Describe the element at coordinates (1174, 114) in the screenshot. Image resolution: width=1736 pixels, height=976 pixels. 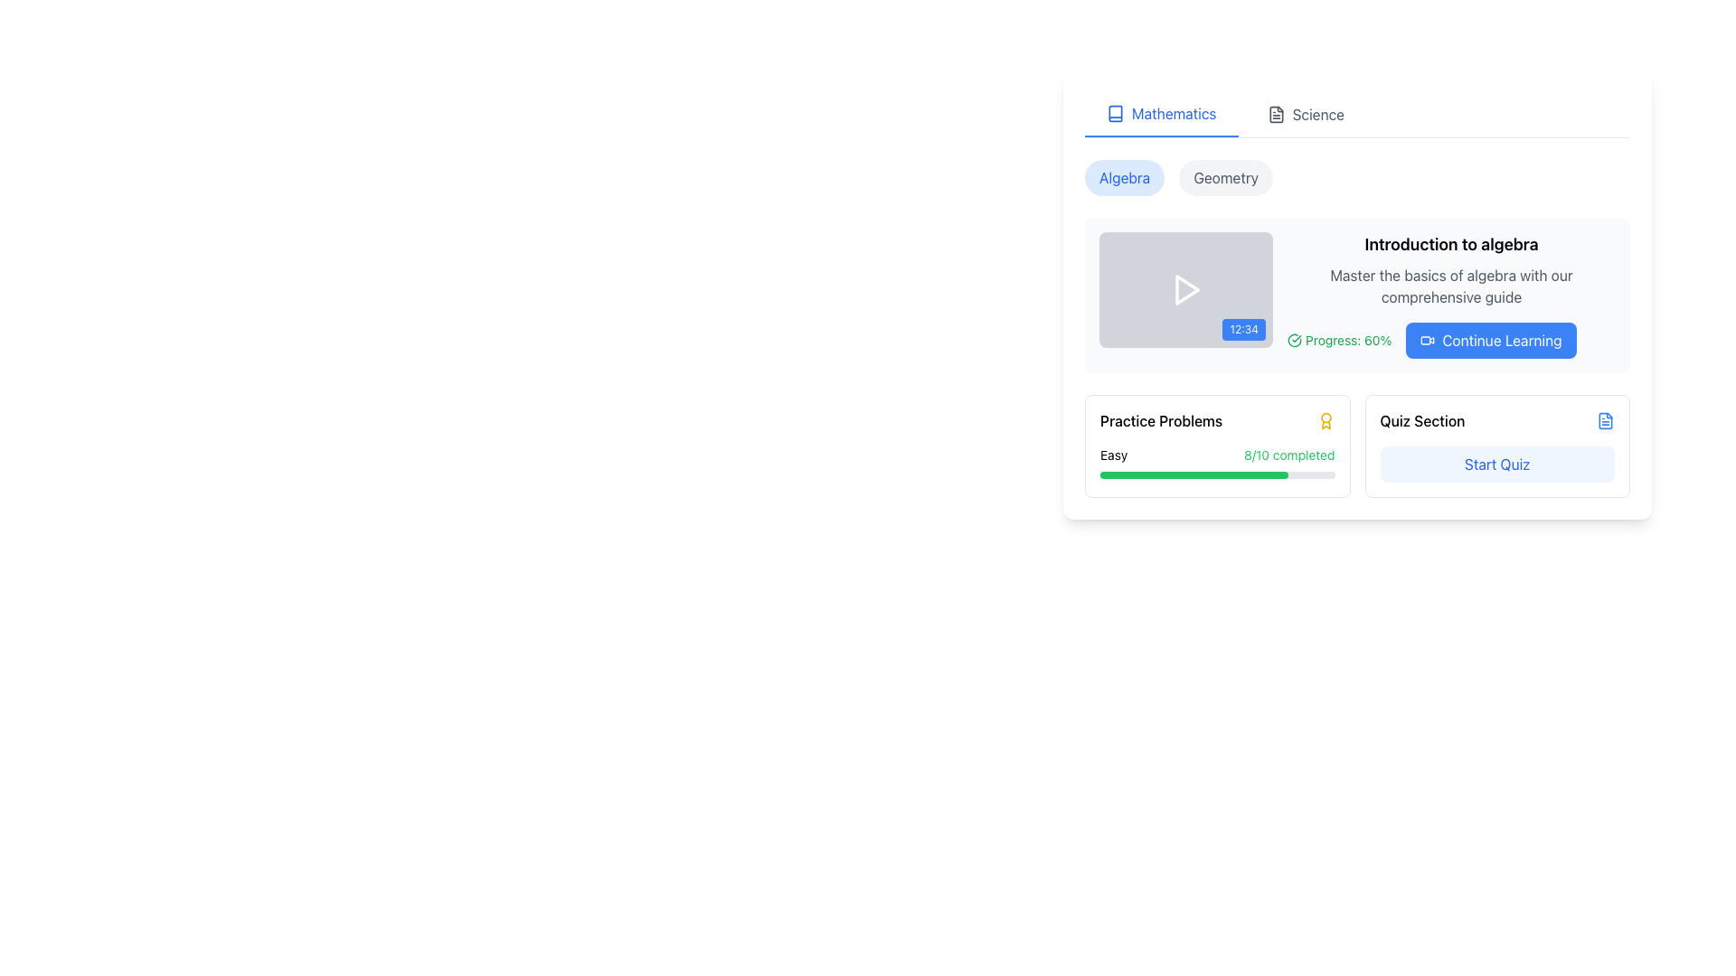
I see `the blue text label displaying 'Mathematics'` at that location.